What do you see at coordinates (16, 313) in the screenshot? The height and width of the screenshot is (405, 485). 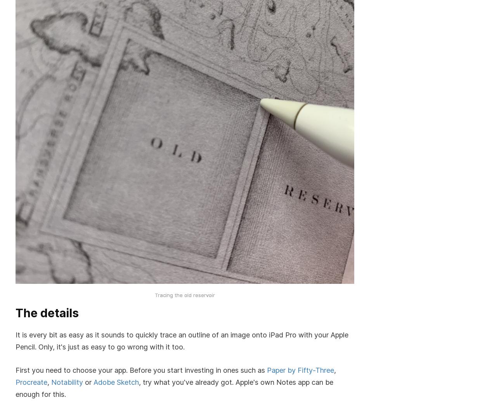 I see `'The details'` at bounding box center [16, 313].